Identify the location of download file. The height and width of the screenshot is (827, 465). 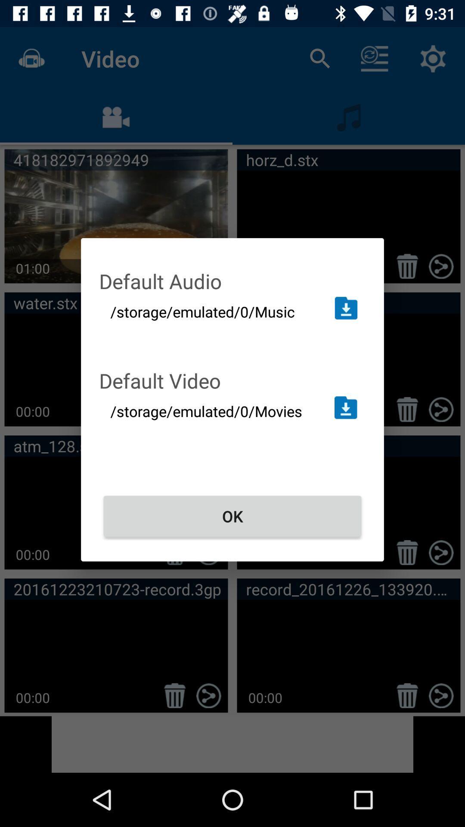
(345, 407).